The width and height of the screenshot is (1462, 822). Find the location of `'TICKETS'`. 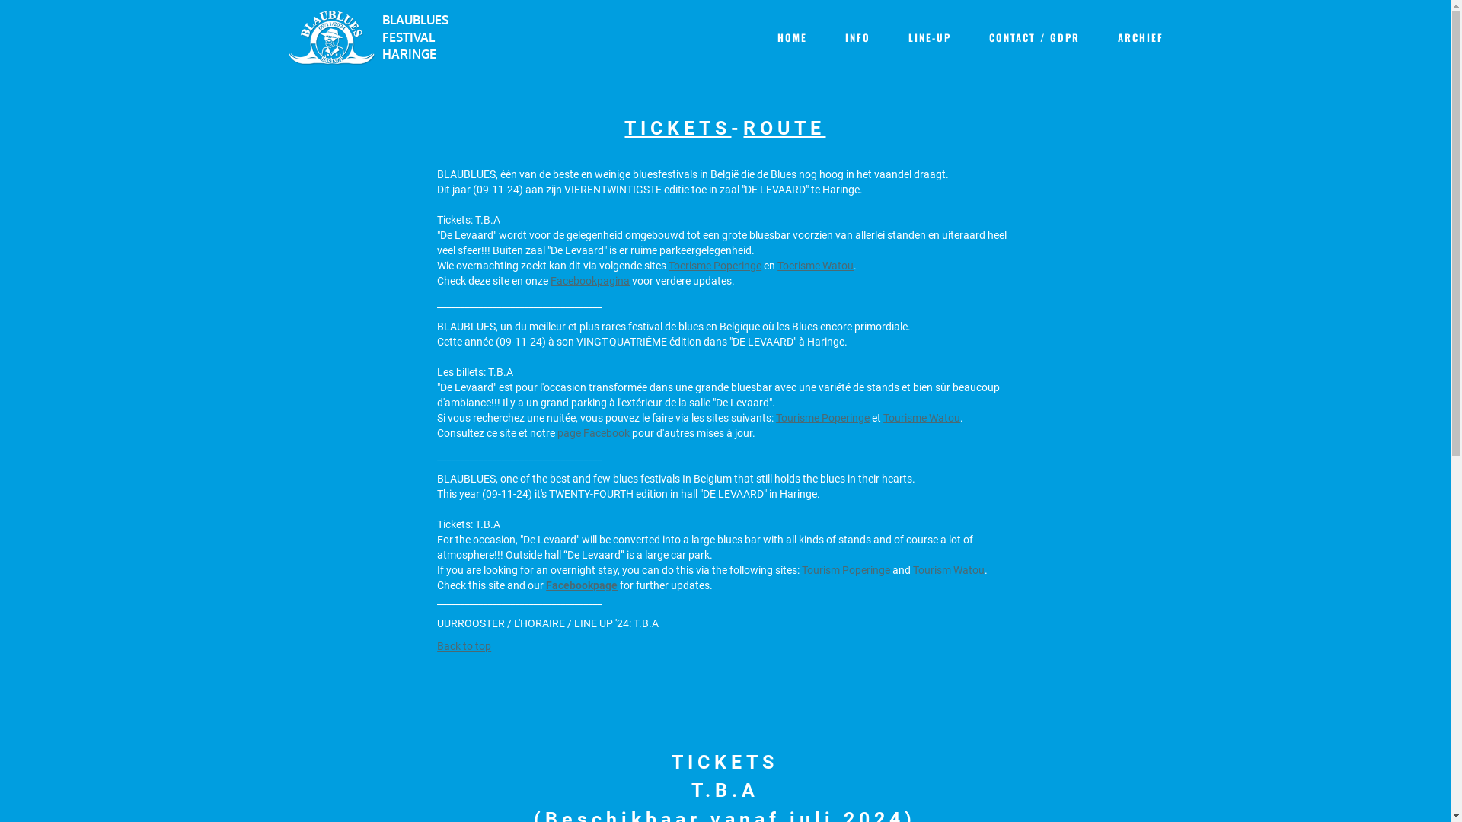

'TICKETS' is located at coordinates (624, 127).